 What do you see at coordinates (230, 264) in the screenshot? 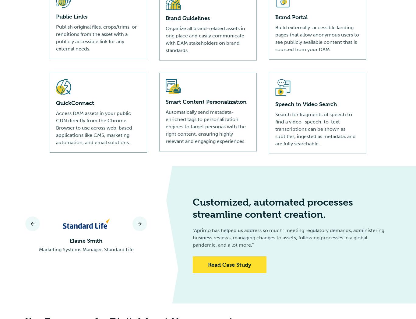
I see `'Read Case Study'` at bounding box center [230, 264].